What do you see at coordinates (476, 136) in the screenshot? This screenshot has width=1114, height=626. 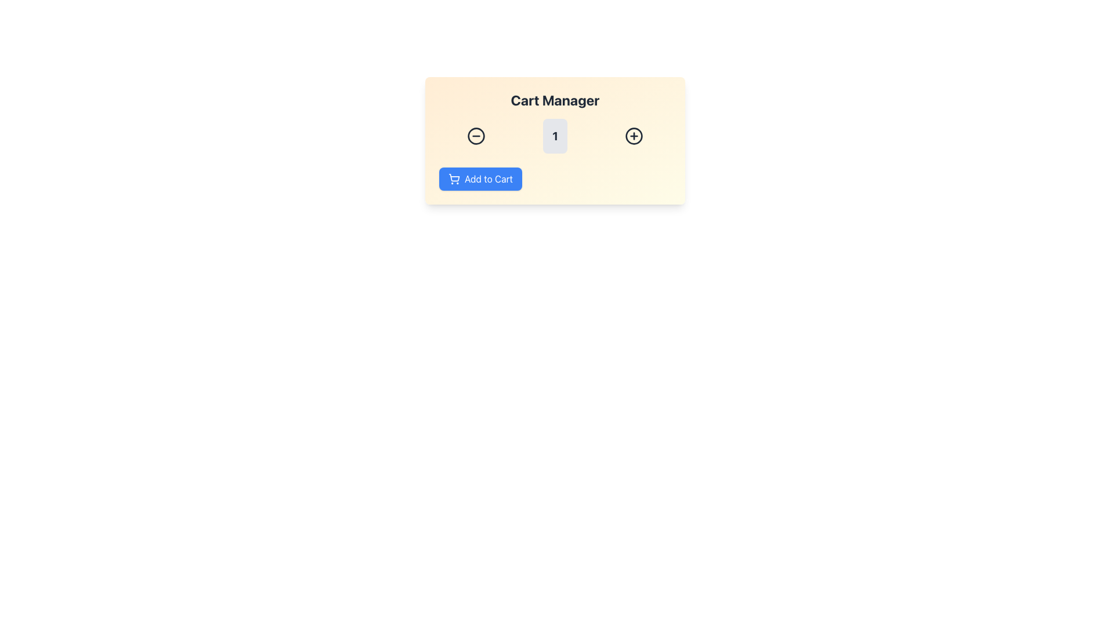 I see `the decrement button located to the left of the numeric counter in the 'Cart Manager' section to reduce the quantity of items in the cart` at bounding box center [476, 136].